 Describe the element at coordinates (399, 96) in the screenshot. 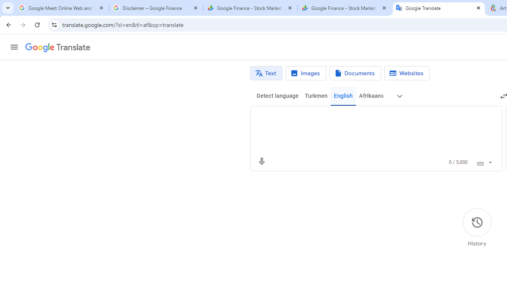

I see `'More source languages'` at that location.